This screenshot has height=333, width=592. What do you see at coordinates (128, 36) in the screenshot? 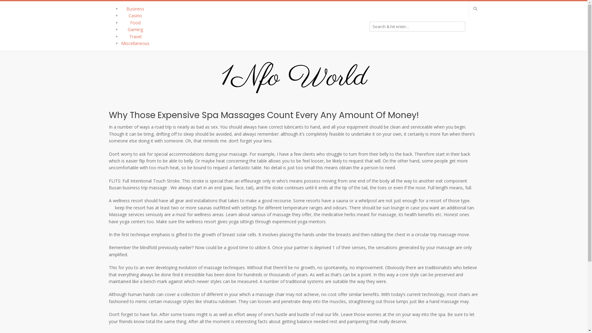
I see `'Travel'` at bounding box center [128, 36].